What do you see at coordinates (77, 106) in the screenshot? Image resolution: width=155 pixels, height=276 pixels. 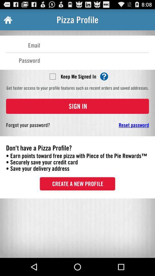 I see `the sign in button` at bounding box center [77, 106].